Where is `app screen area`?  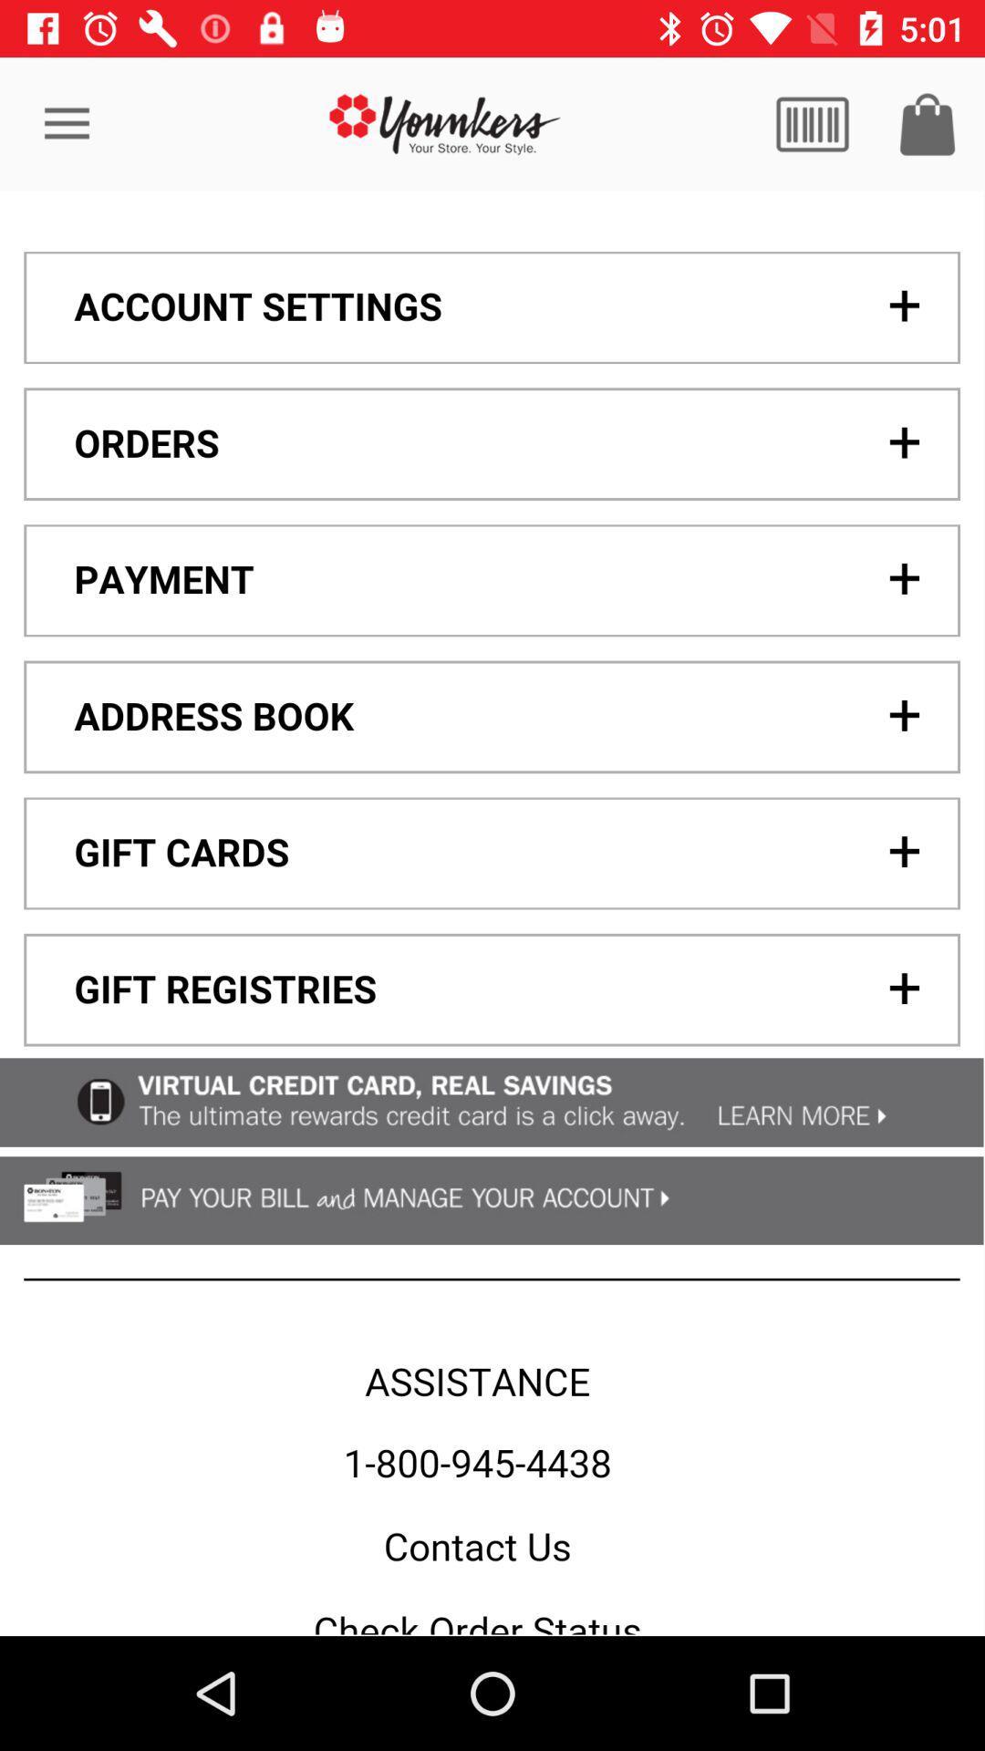 app screen area is located at coordinates (491, 913).